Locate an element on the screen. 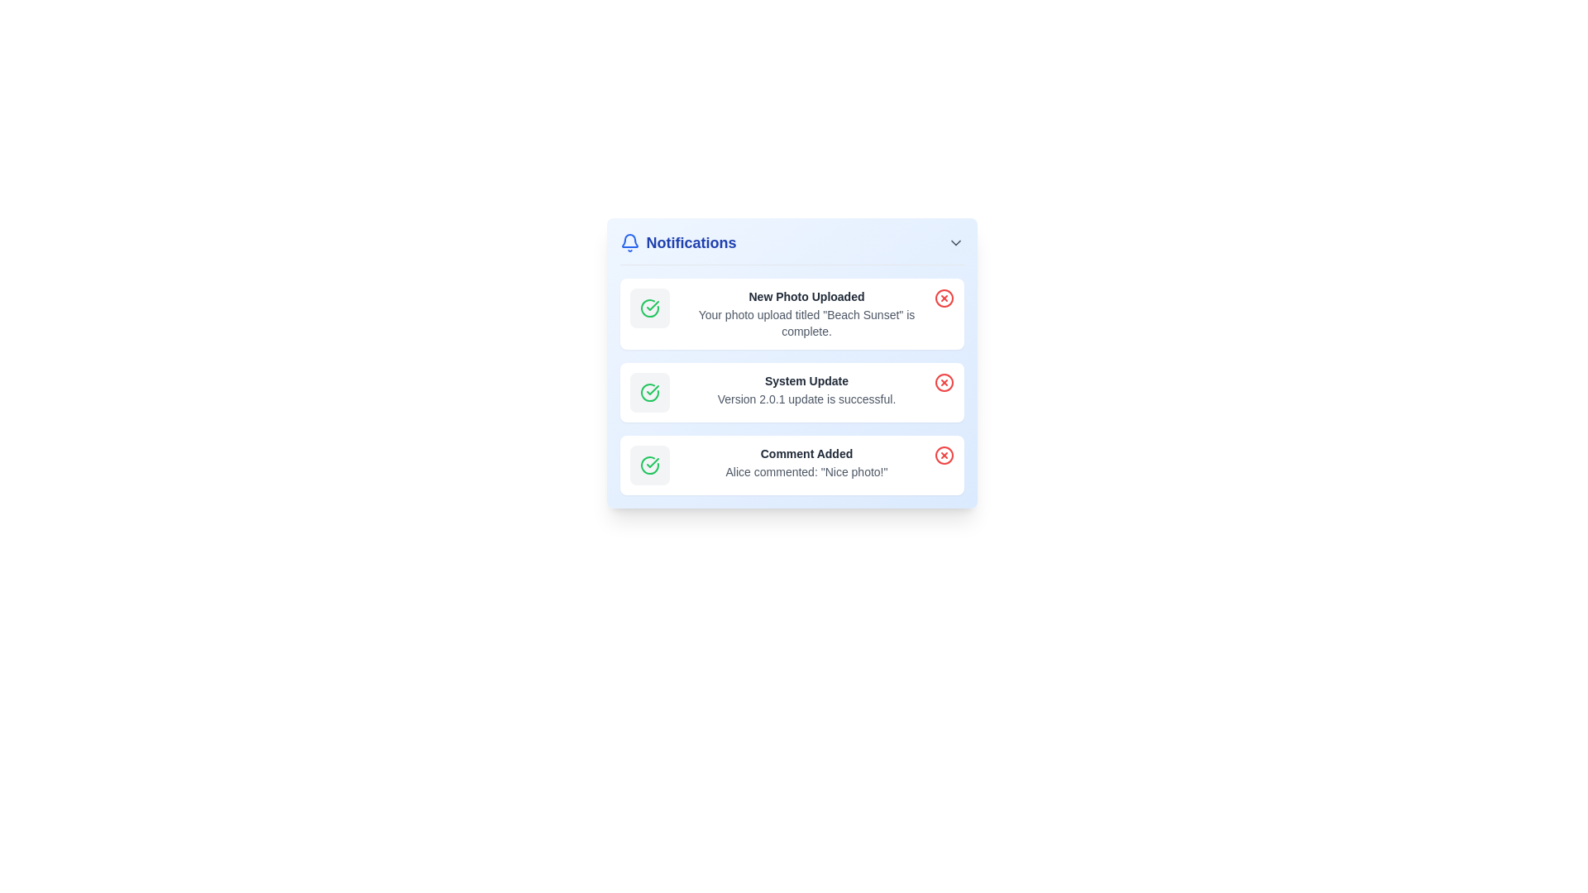 This screenshot has width=1588, height=893. the Decorative icon located to the left of the 'System Update' title in the notification list, indicating a successful action is located at coordinates (648, 392).